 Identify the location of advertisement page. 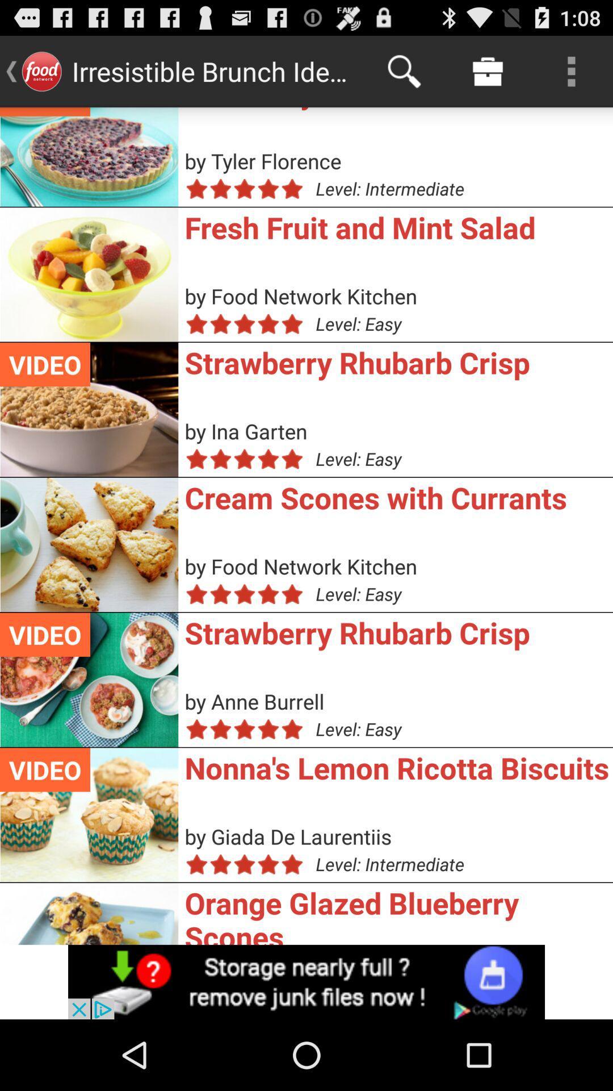
(306, 981).